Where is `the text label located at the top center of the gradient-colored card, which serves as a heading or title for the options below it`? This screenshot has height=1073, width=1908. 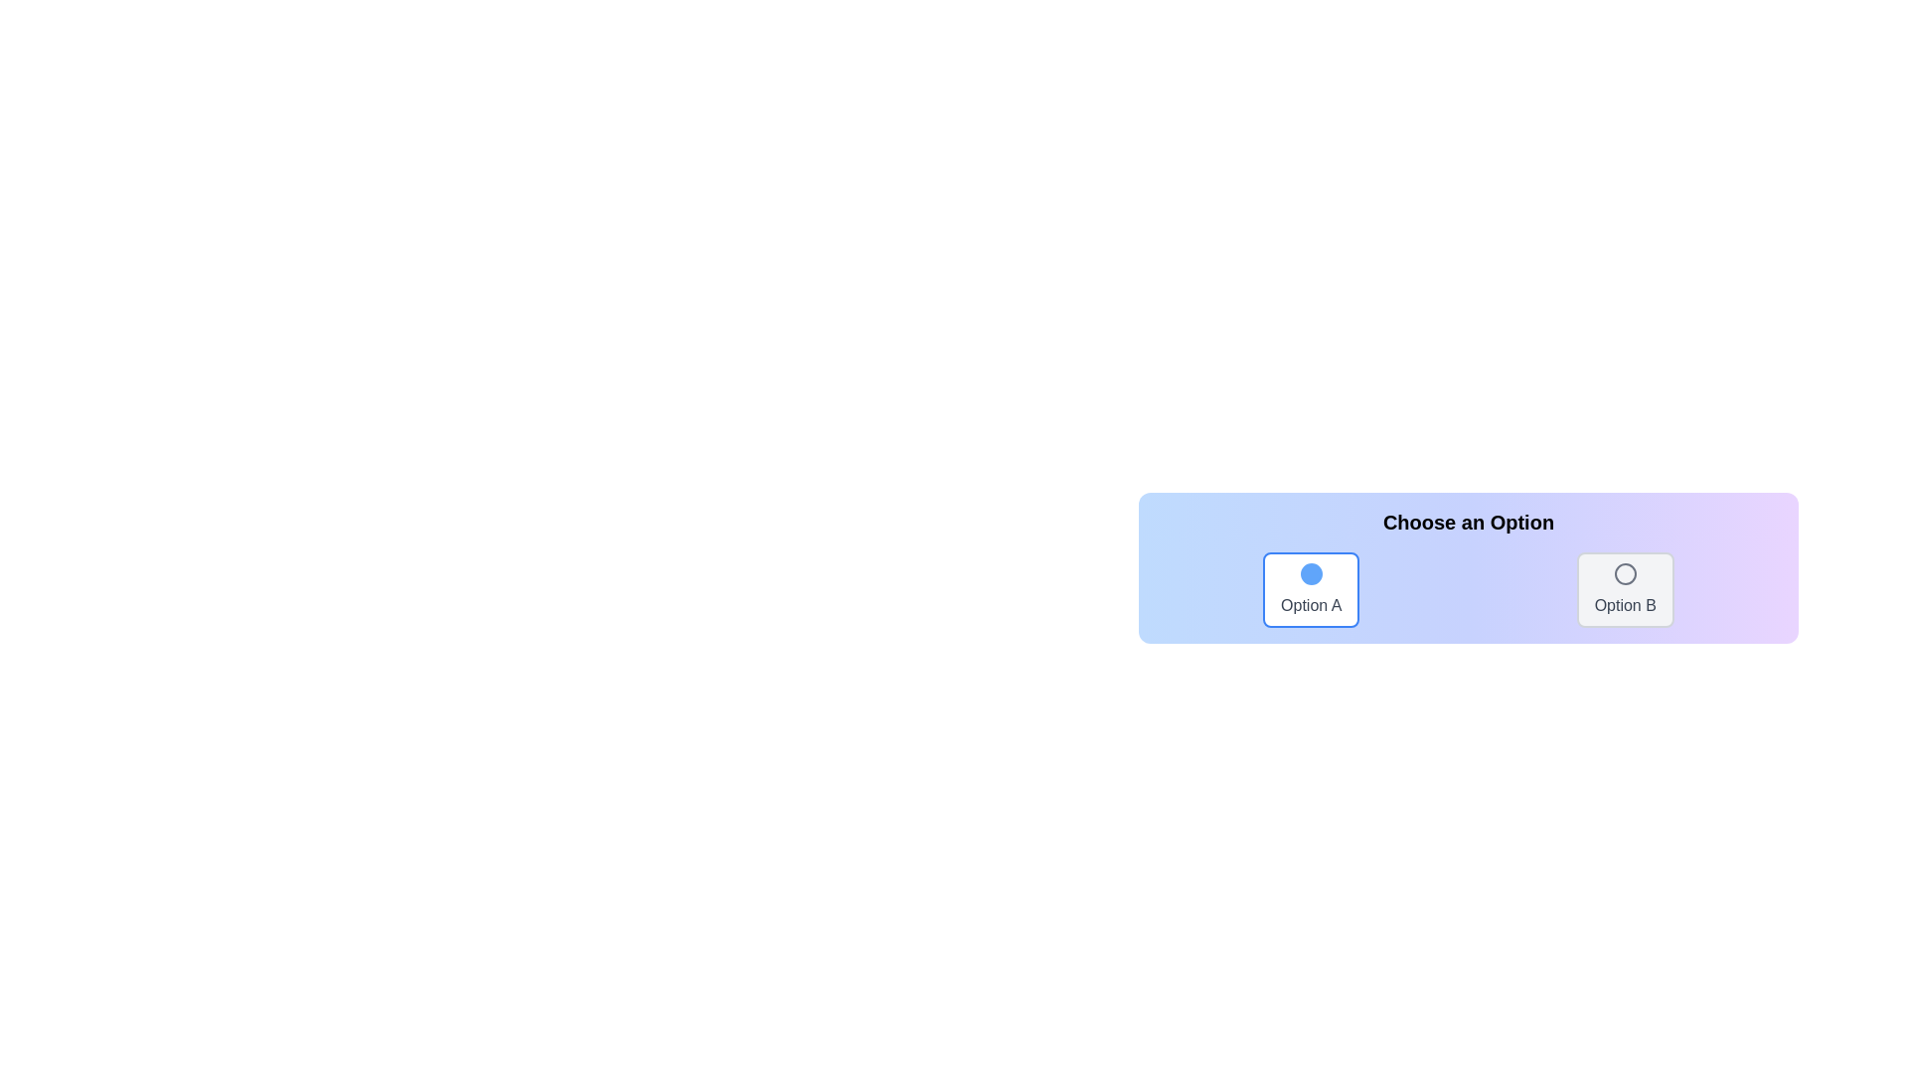
the text label located at the top center of the gradient-colored card, which serves as a heading or title for the options below it is located at coordinates (1469, 521).